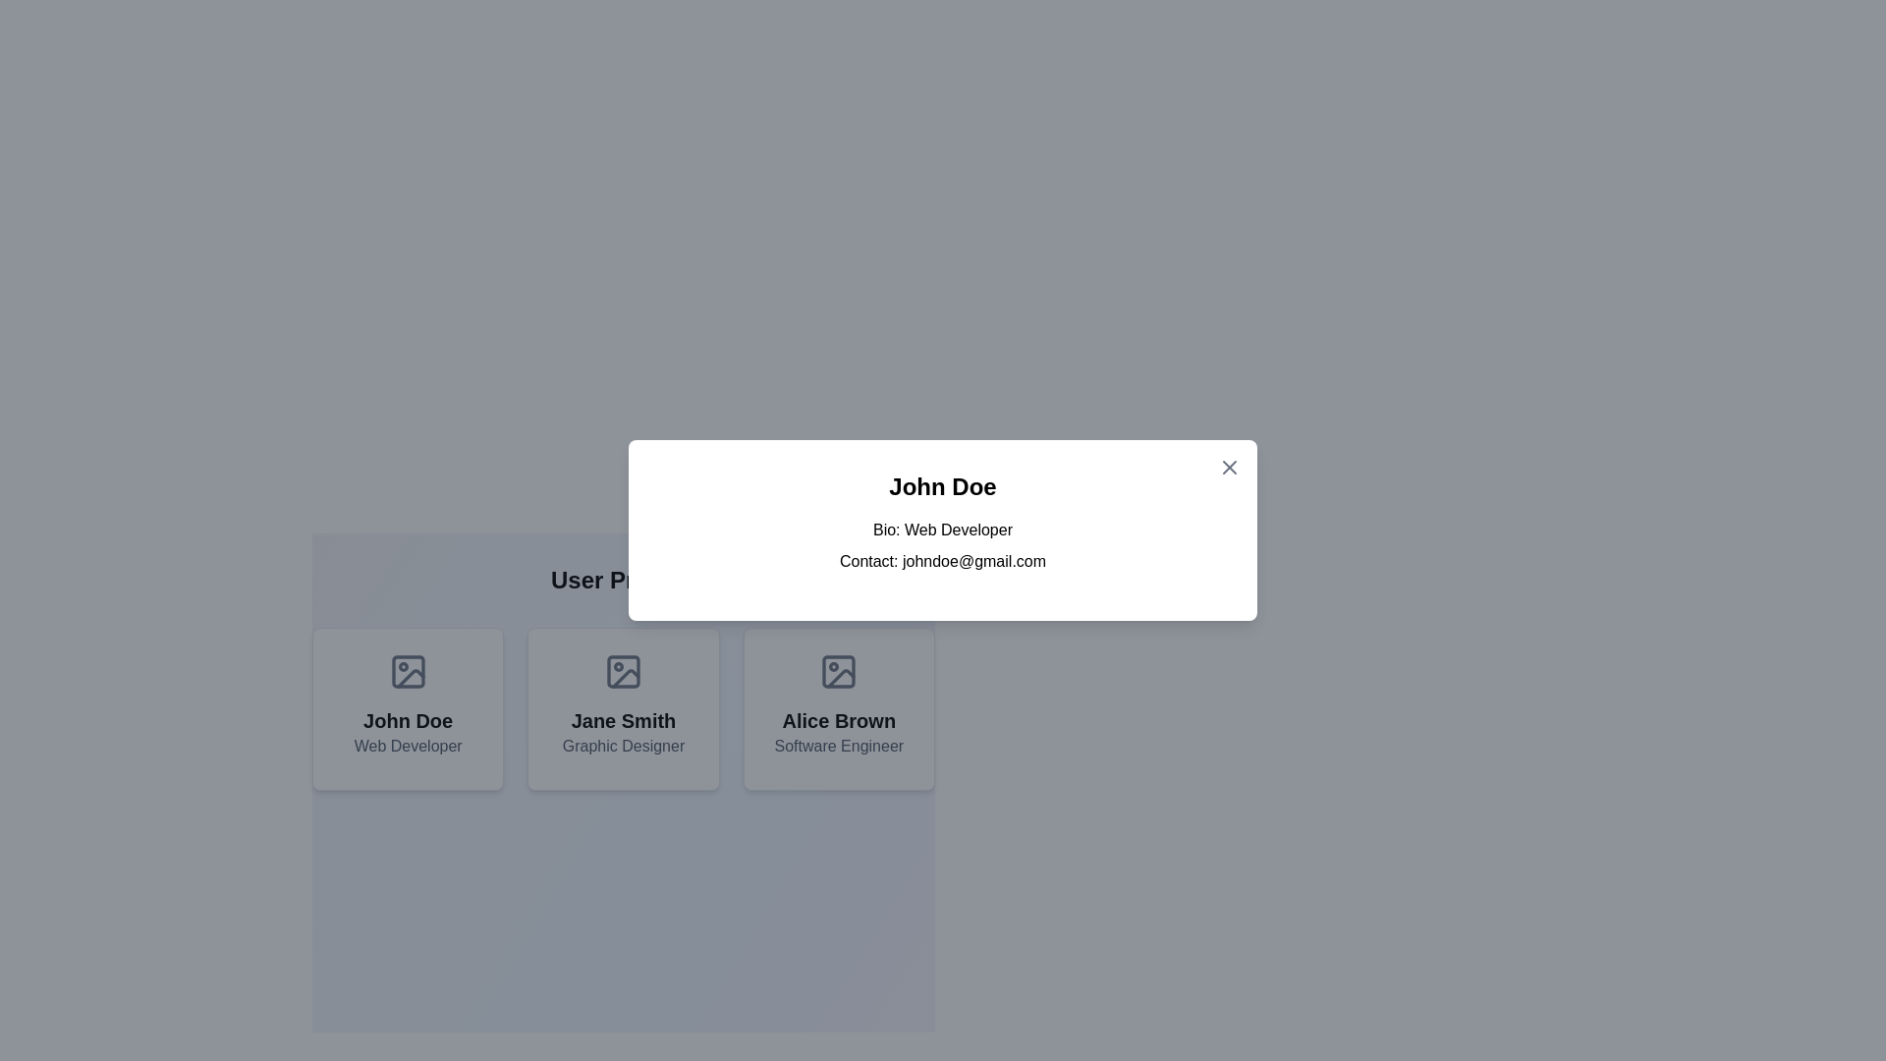 The width and height of the screenshot is (1886, 1061). Describe the element at coordinates (622, 720) in the screenshot. I see `the 'Jane Smith' text element, which is styled in a bold, extra-large font and serves as the main heading above 'Graphic Designer' within a card interface` at that location.